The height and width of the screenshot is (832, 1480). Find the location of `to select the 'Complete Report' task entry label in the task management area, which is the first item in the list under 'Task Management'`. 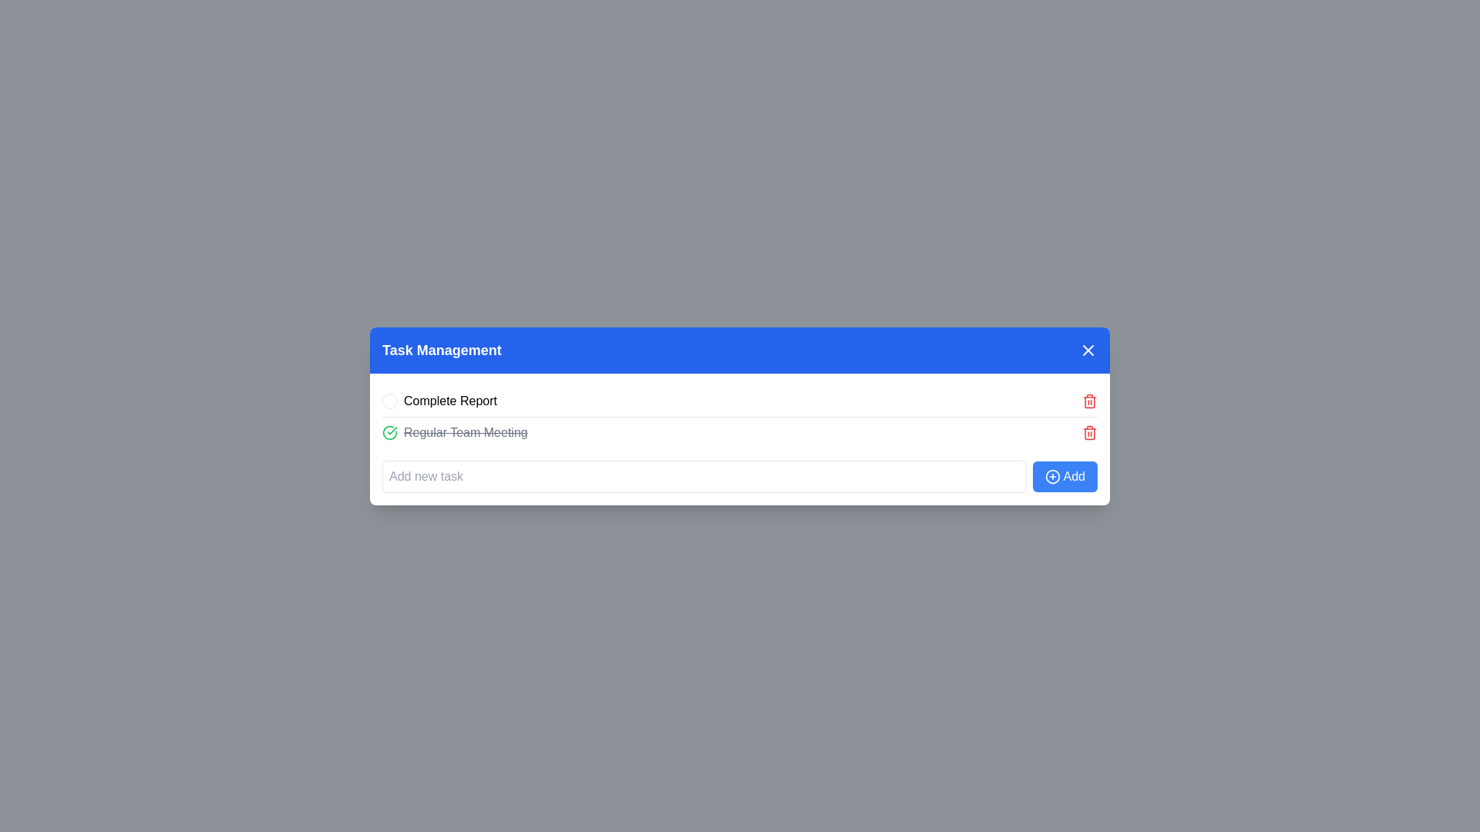

to select the 'Complete Report' task entry label in the task management area, which is the first item in the list under 'Task Management' is located at coordinates (439, 400).